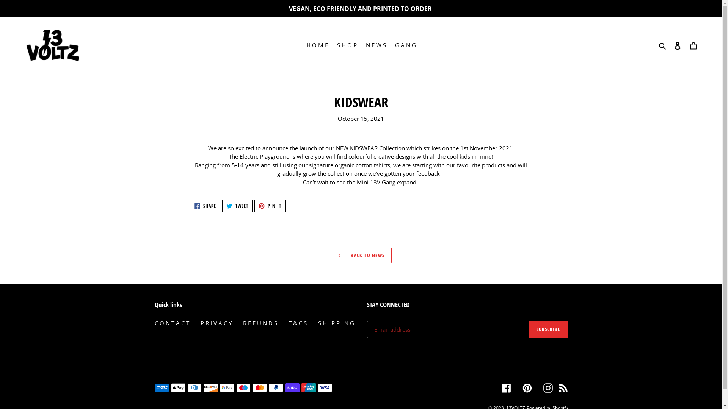 The image size is (728, 409). Describe the element at coordinates (506, 387) in the screenshot. I see `'Facebook'` at that location.